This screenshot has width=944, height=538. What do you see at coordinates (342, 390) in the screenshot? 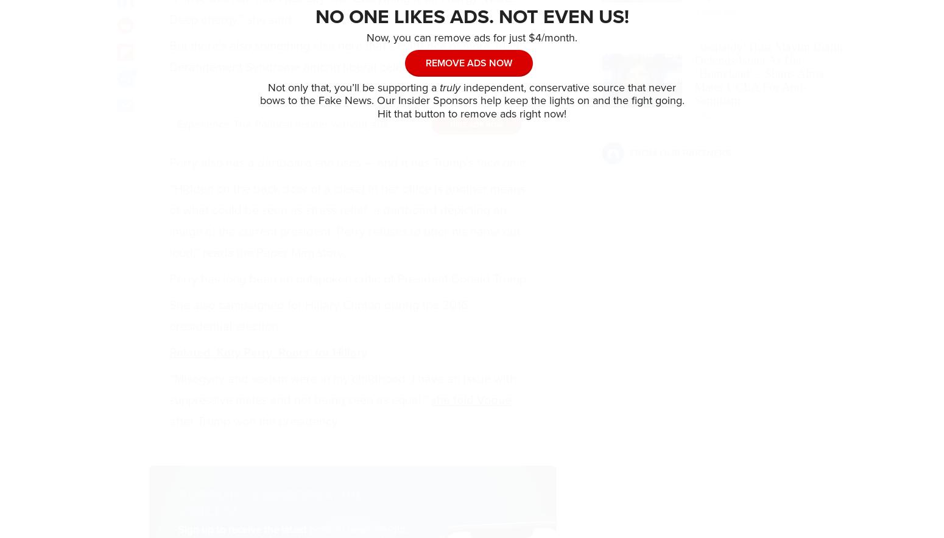
I see `'“Misogyny and sexism were in my childhood: I have an issue with suppressive males and not being seen as equal,”'` at bounding box center [342, 390].